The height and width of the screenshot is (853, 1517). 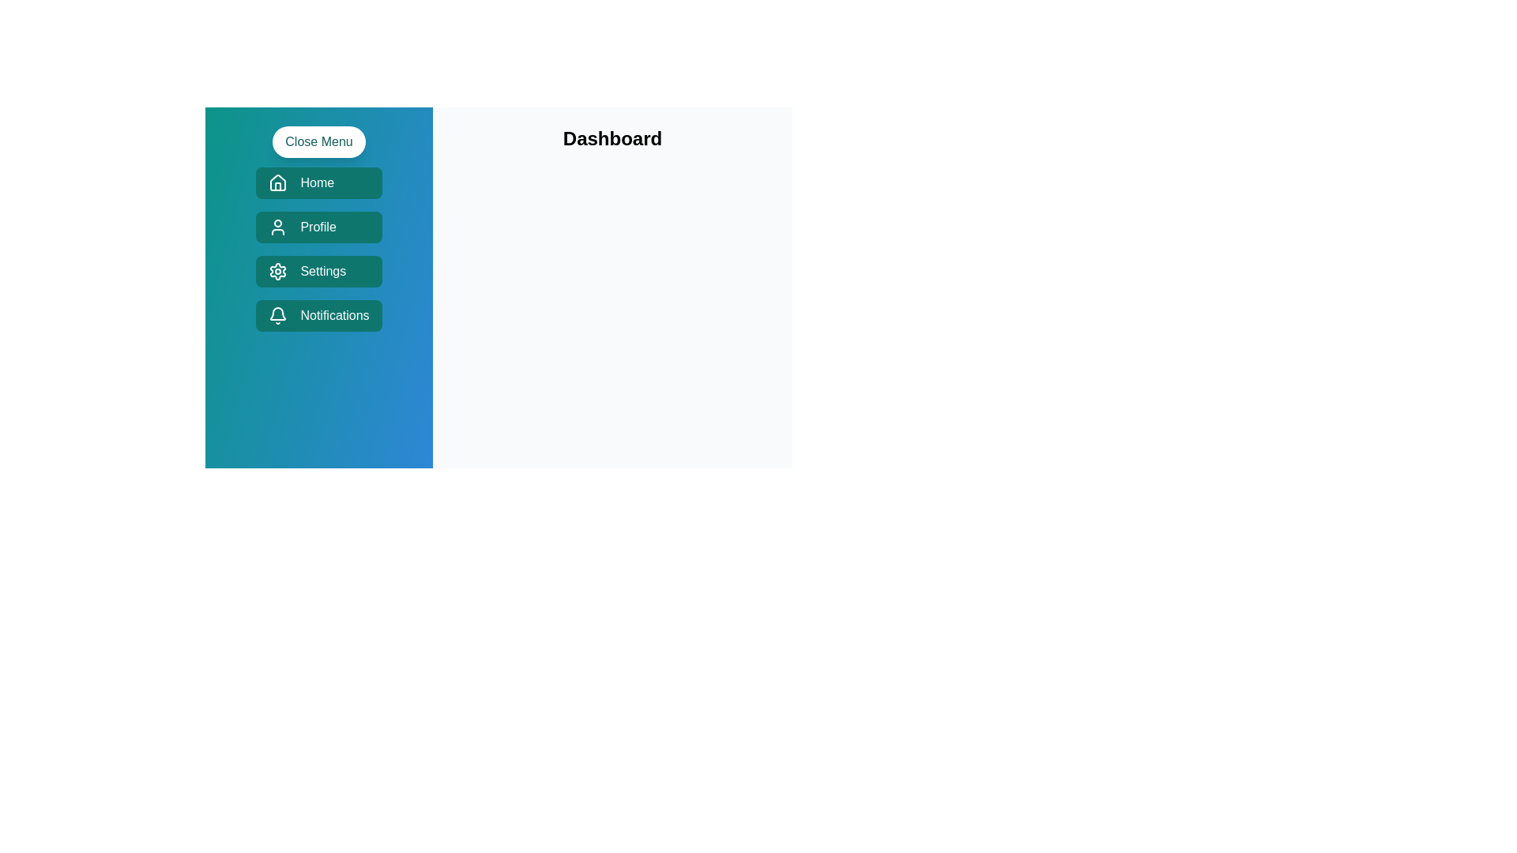 What do you see at coordinates (318, 249) in the screenshot?
I see `keyboard navigation` at bounding box center [318, 249].